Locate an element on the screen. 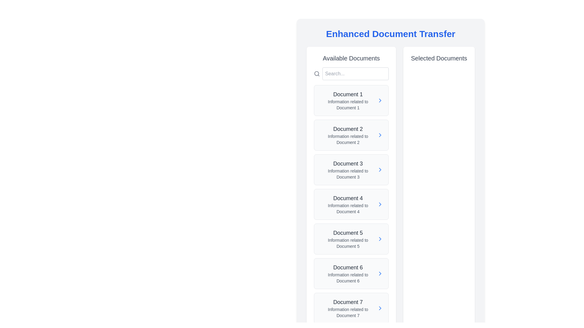  the small triangular arrow-shaped glyph pointing to the right, located within the second document entry in the 'Available Documents' section, closely aligning with the text label 'Document 2' is located at coordinates (380, 135).